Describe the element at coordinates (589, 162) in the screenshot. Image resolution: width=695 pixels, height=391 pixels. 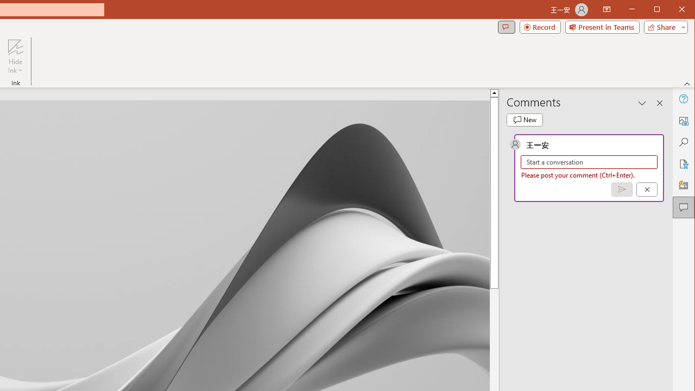
I see `'Start a conversation'` at that location.